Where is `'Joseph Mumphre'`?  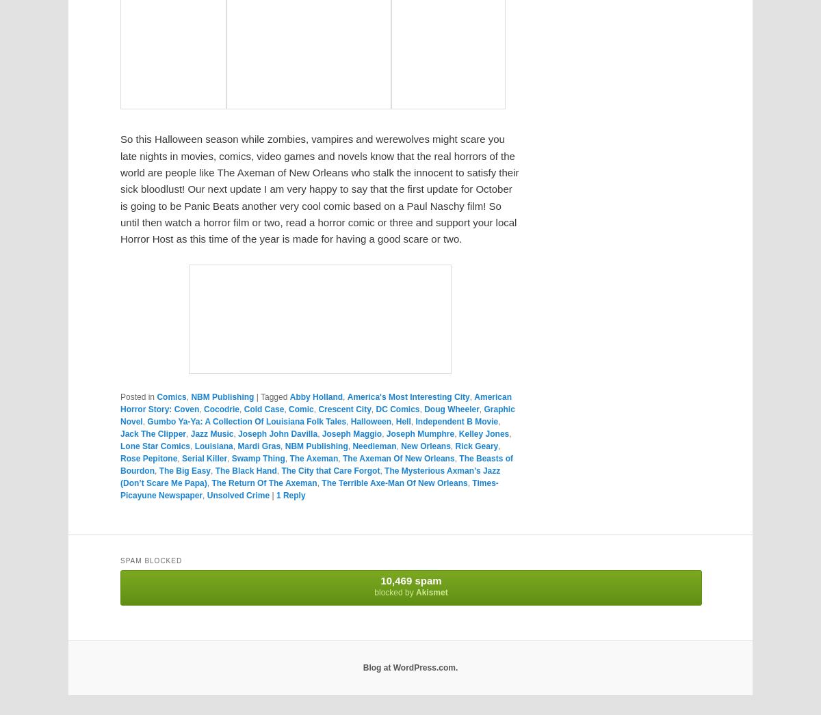 'Joseph Mumphre' is located at coordinates (420, 432).